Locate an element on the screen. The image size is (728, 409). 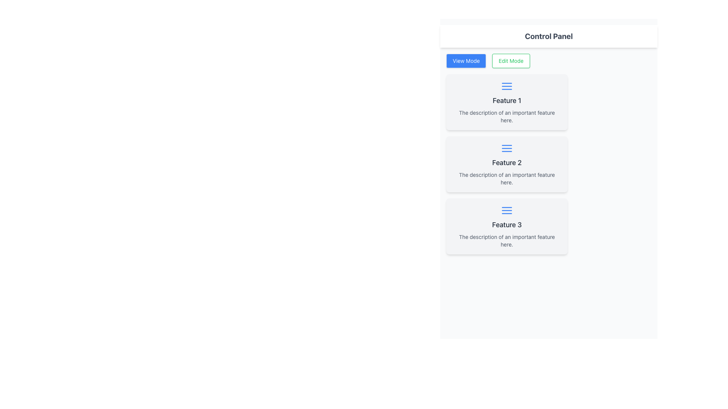
the text block displaying 'The description of an important feature here.' which is positioned below the heading 'Feature 2' in the second feature box is located at coordinates (507, 178).